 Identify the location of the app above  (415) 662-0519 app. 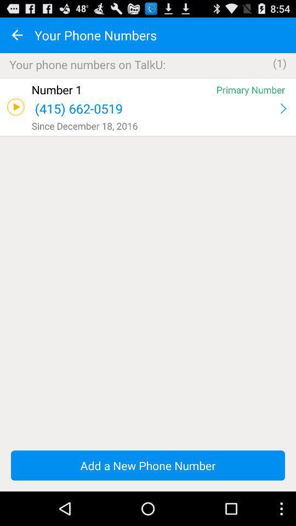
(251, 89).